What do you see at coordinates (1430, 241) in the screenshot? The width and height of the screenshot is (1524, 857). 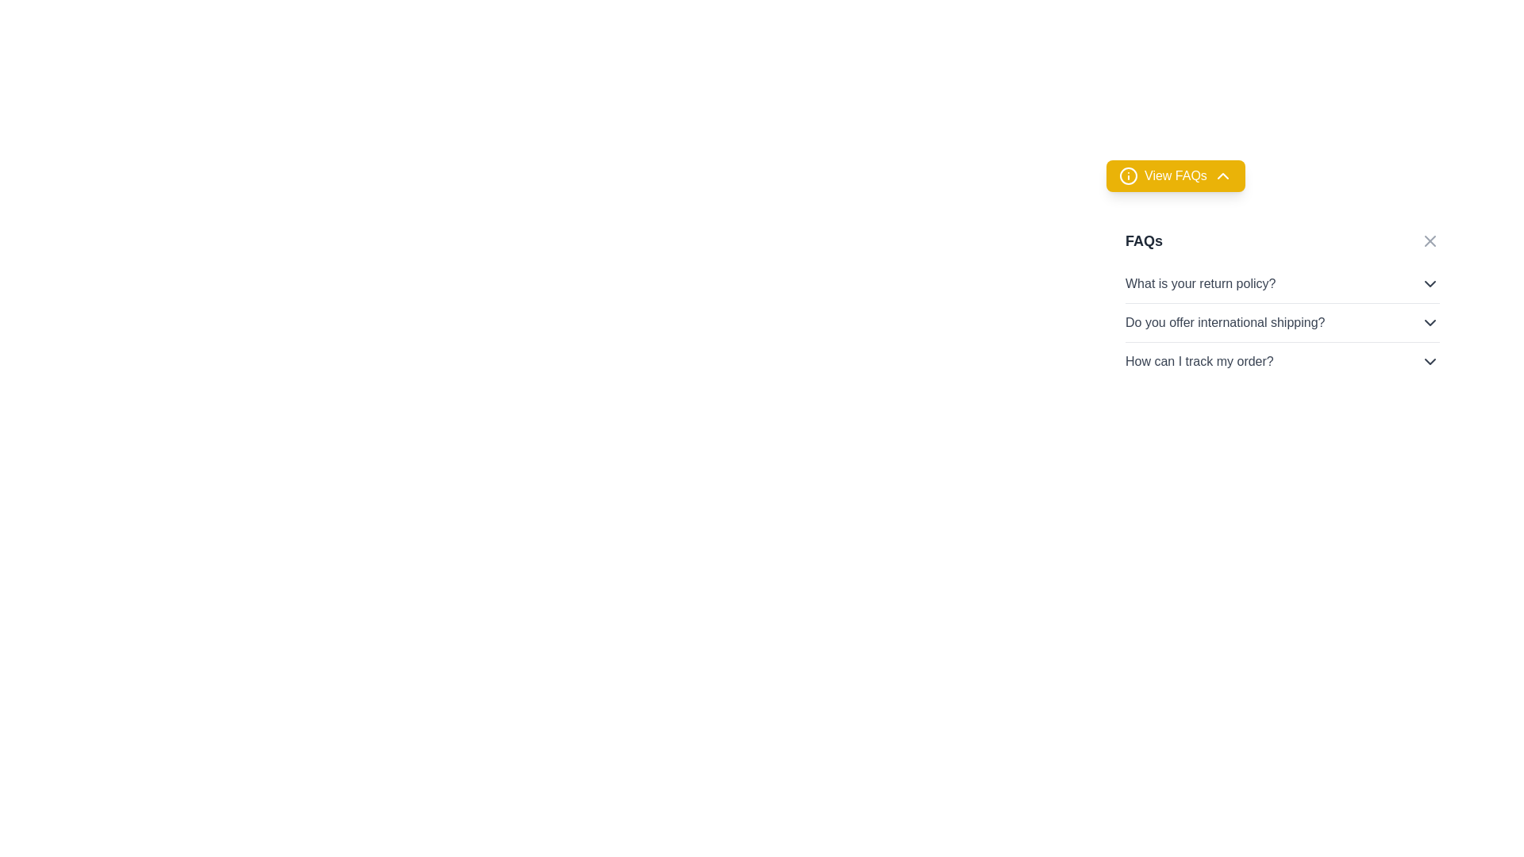 I see `the Close button, which is a small gray 'X' icon in the top right corner of the FAQ section` at bounding box center [1430, 241].